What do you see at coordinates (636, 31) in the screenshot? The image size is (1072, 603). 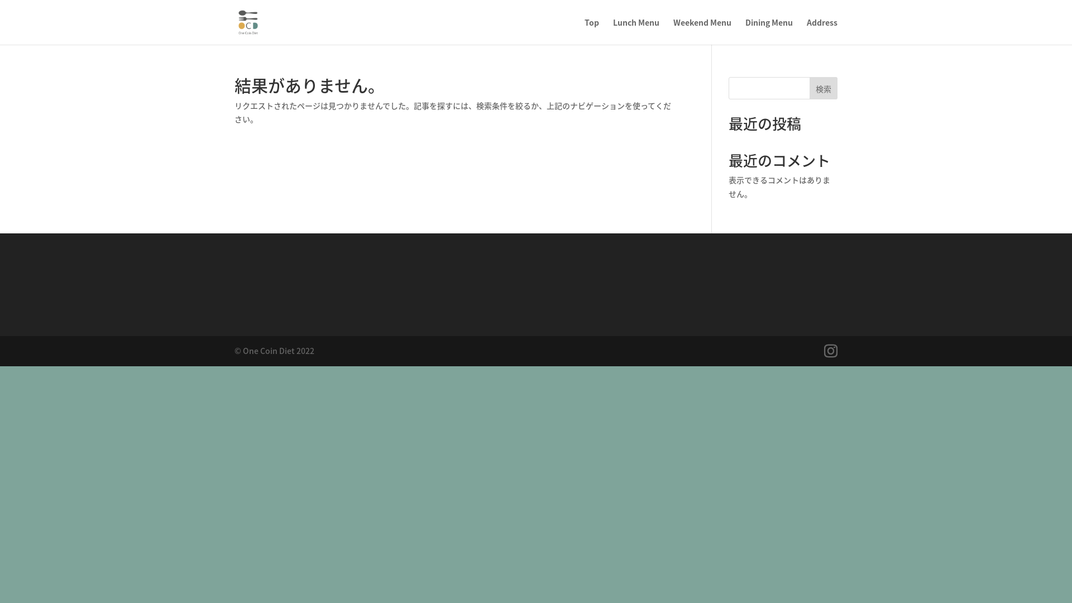 I see `'Lunch Menu'` at bounding box center [636, 31].